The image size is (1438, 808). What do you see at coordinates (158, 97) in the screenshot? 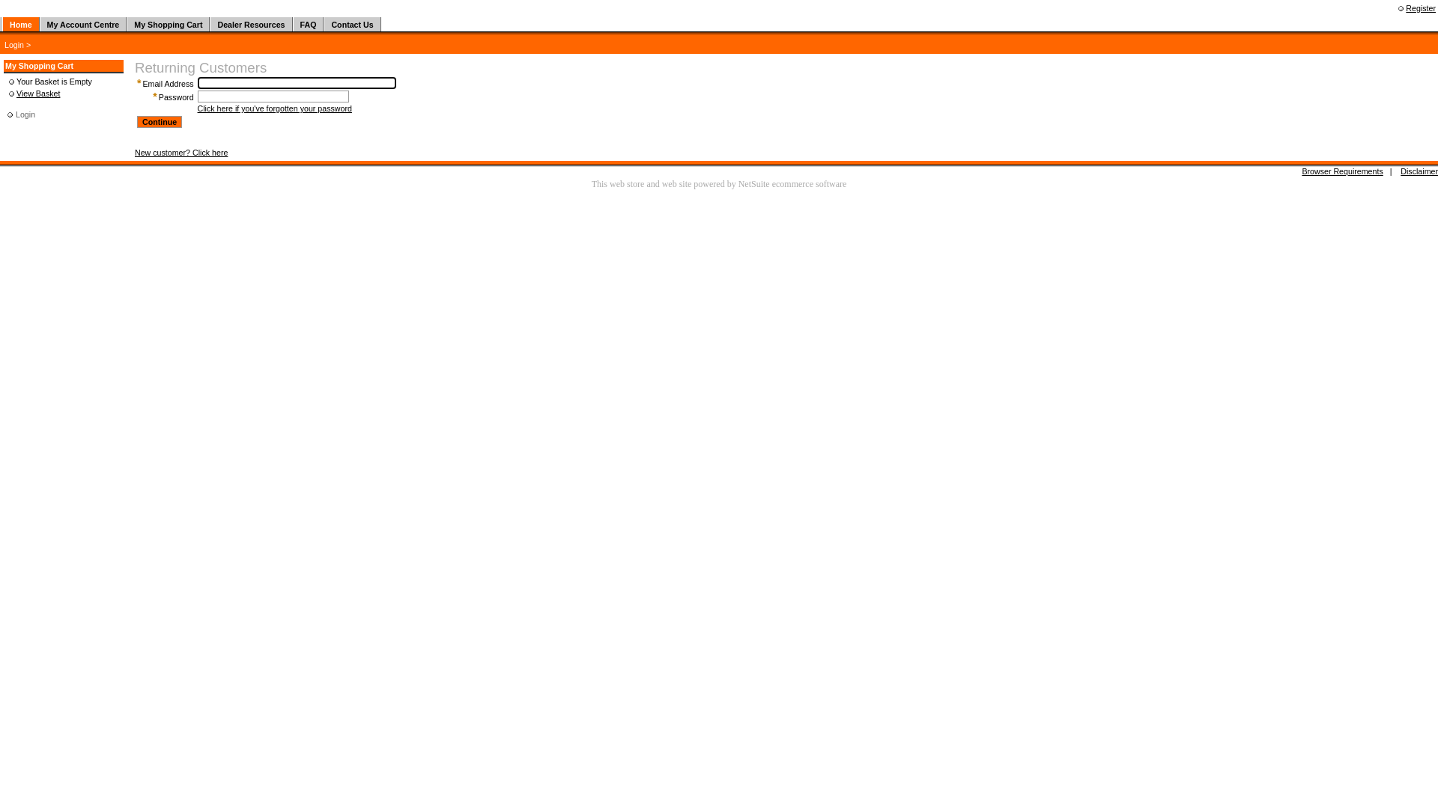
I see `'Password'` at bounding box center [158, 97].